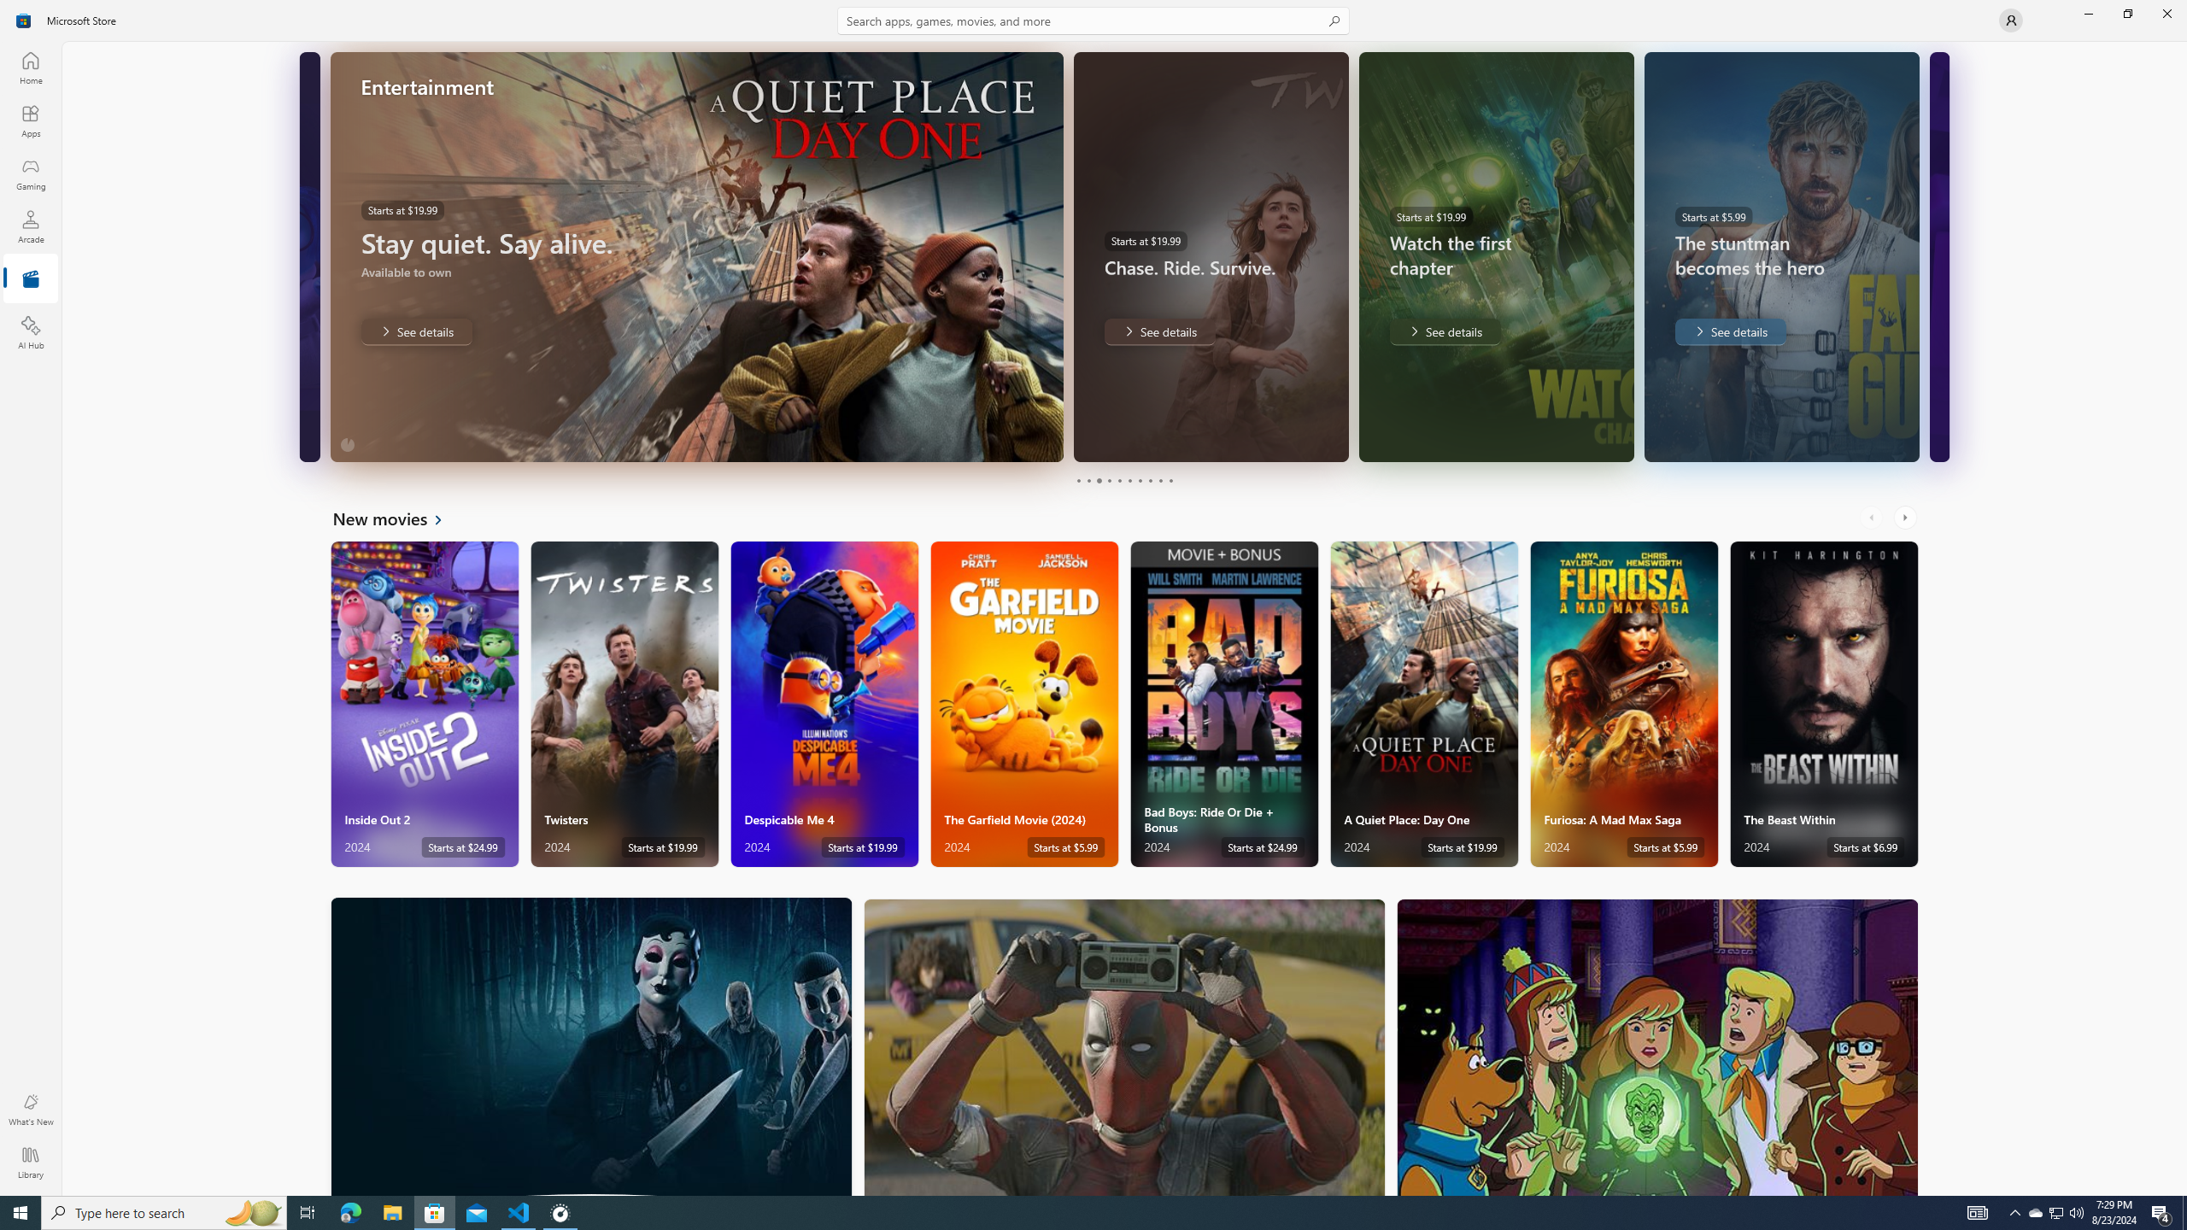  What do you see at coordinates (1906, 517) in the screenshot?
I see `'AutomationID: RightScrollButton'` at bounding box center [1906, 517].